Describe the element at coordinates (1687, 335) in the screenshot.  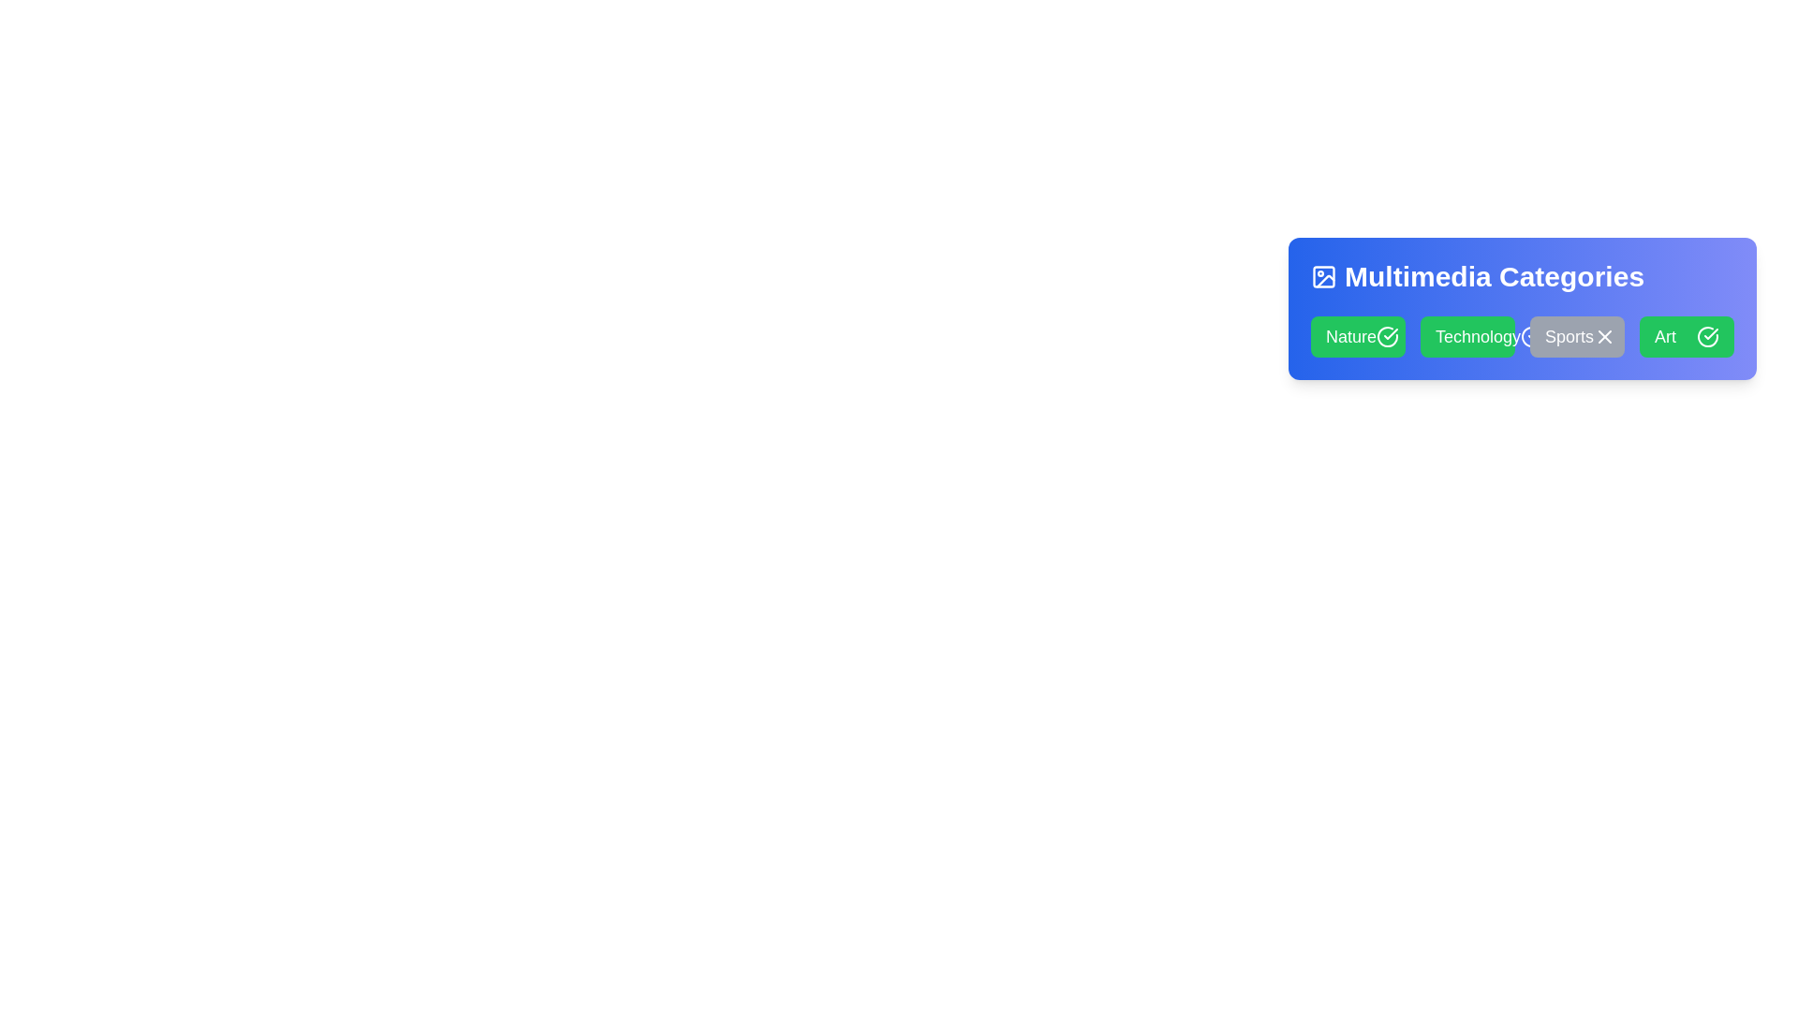
I see `the 'Art' button, which is a vibrant green rectangular button with rounded corners located` at that location.